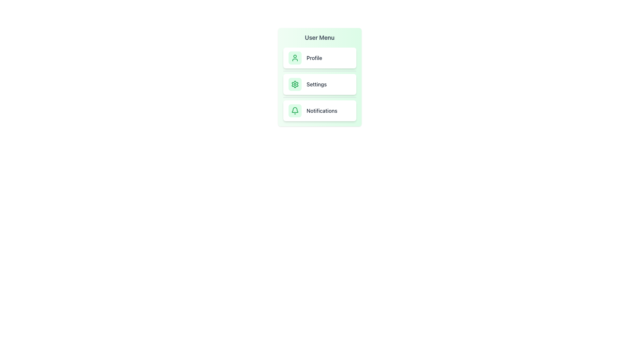 The width and height of the screenshot is (626, 352). What do you see at coordinates (294, 110) in the screenshot?
I see `the decorative component within the bell icon in the 'Notifications' section of the menu interface` at bounding box center [294, 110].